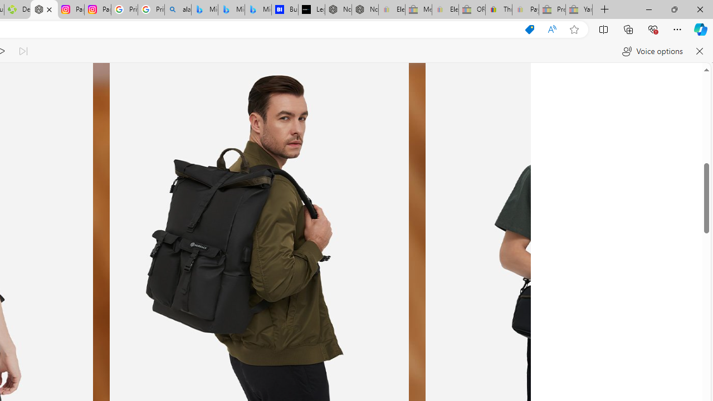 Image resolution: width=713 pixels, height=401 pixels. What do you see at coordinates (603, 28) in the screenshot?
I see `'Split screen'` at bounding box center [603, 28].